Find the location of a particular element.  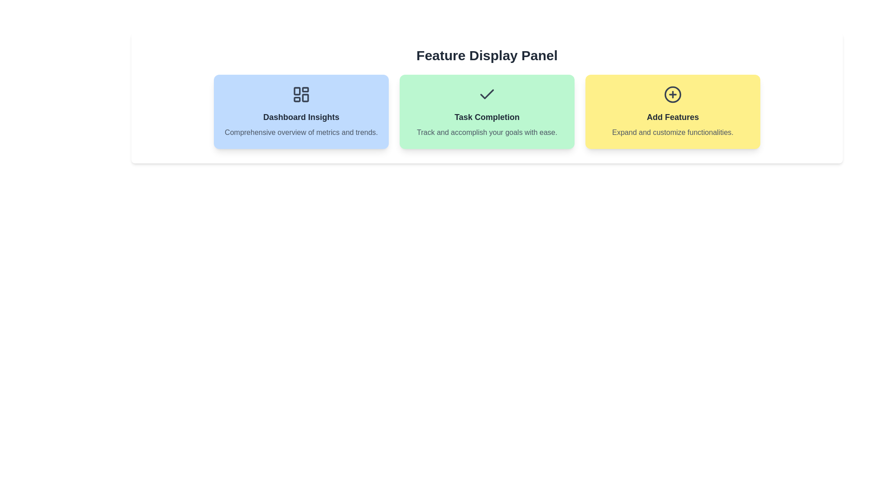

the Text Label (Heading) that provides context for the section above the feature cards labeled 'Dashboard Insights,' 'Task Completion,' and 'Add Features.' is located at coordinates (487, 56).